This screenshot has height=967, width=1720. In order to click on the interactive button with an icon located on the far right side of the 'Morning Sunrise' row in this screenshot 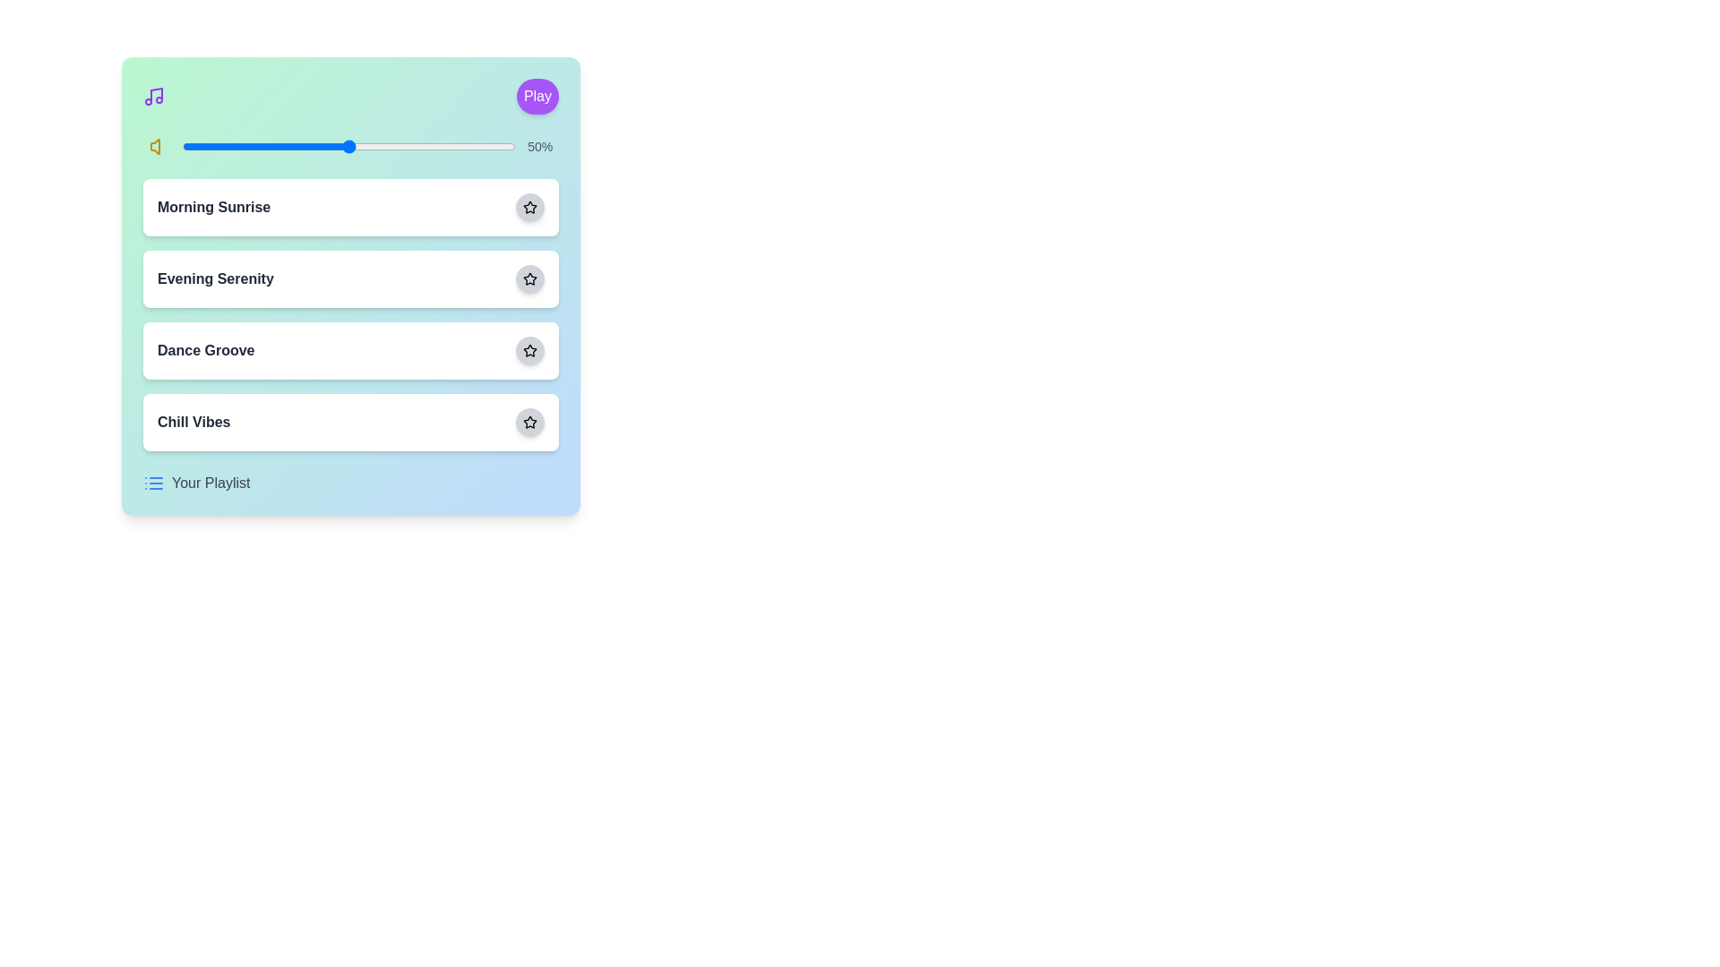, I will do `click(529, 206)`.